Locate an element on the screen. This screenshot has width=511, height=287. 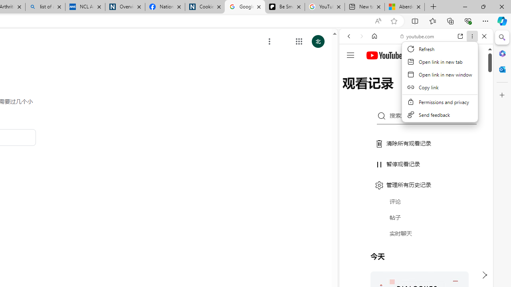
'Search Filter, VIDEOS' is located at coordinates (402, 90).